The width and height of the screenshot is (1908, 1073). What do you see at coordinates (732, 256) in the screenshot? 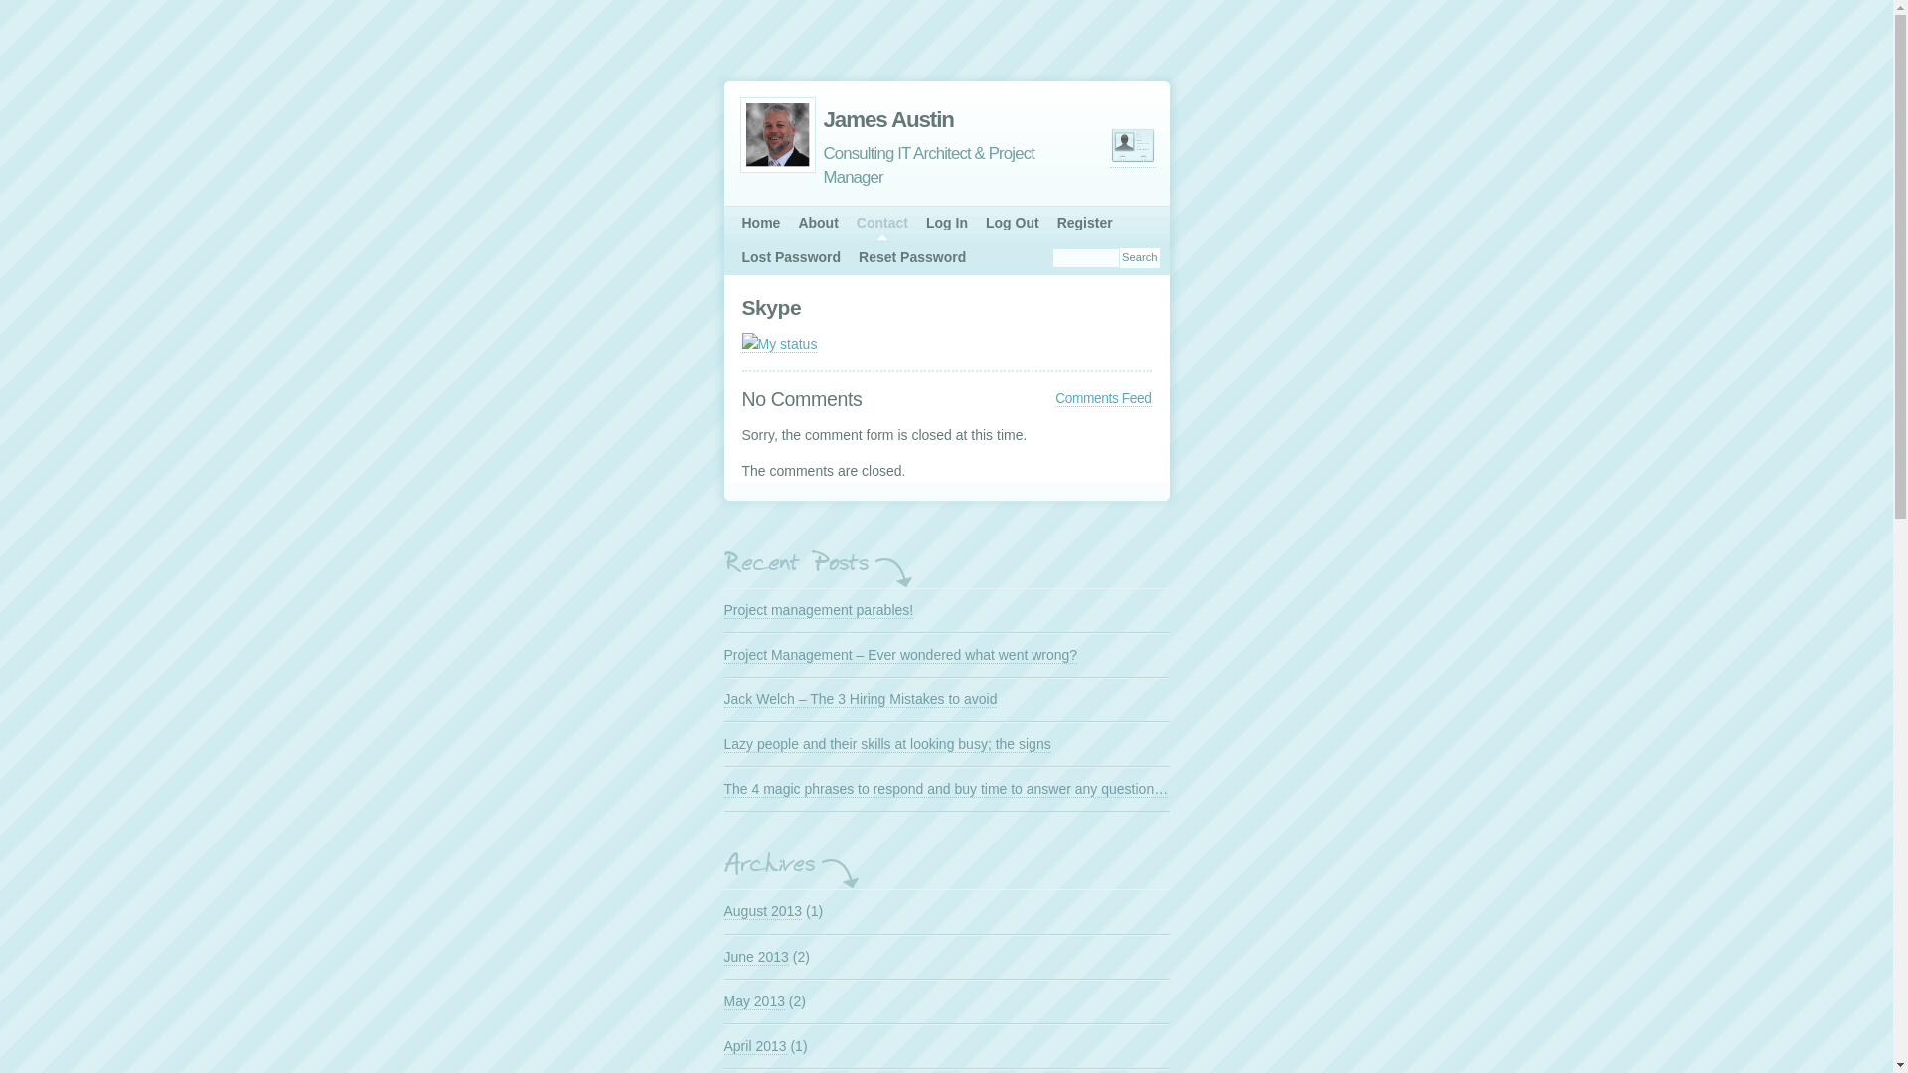
I see `'Lost Password'` at bounding box center [732, 256].